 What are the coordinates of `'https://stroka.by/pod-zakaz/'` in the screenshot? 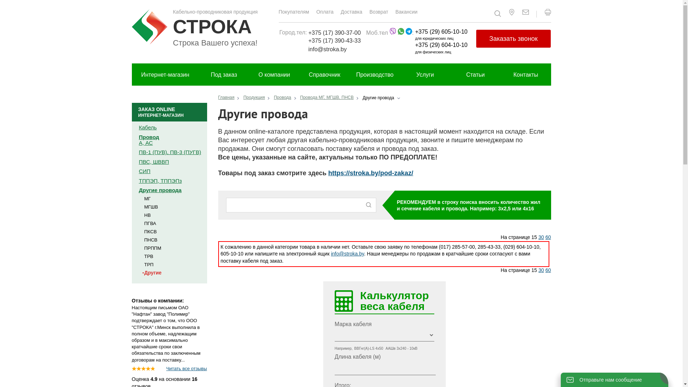 It's located at (371, 173).